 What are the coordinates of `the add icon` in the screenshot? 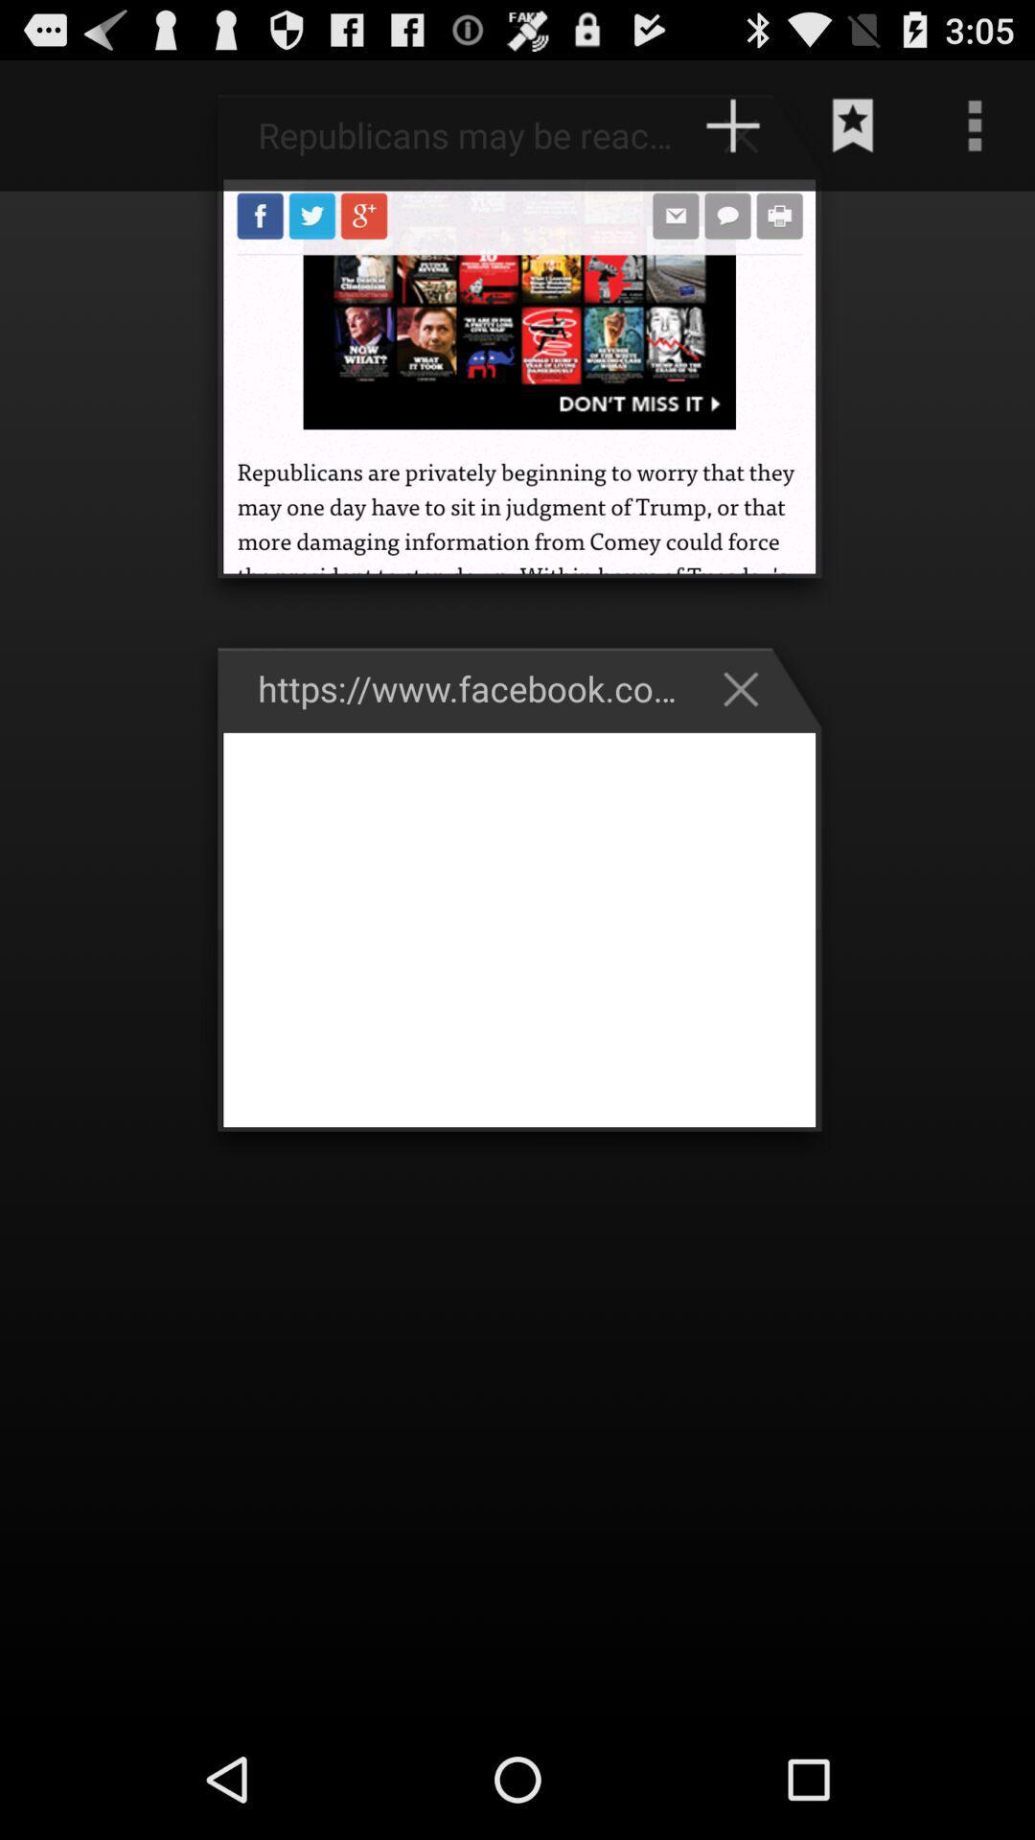 It's located at (749, 143).